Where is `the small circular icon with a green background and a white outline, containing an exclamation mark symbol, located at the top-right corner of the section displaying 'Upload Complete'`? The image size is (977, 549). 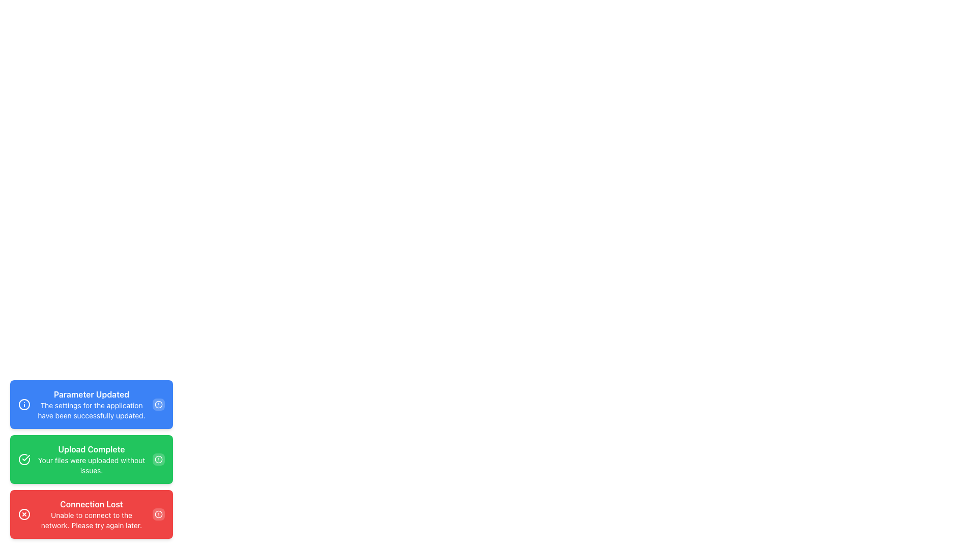
the small circular icon with a green background and a white outline, containing an exclamation mark symbol, located at the top-right corner of the section displaying 'Upload Complete' is located at coordinates (158, 459).